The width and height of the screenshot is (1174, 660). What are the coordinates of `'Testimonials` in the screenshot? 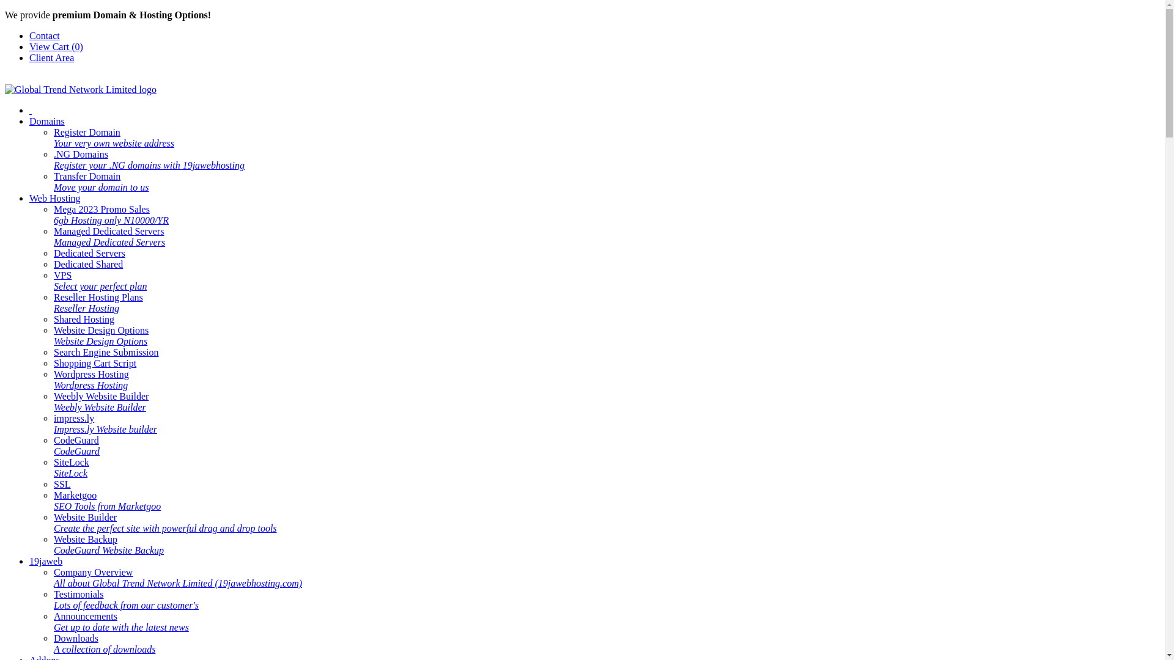 It's located at (126, 599).